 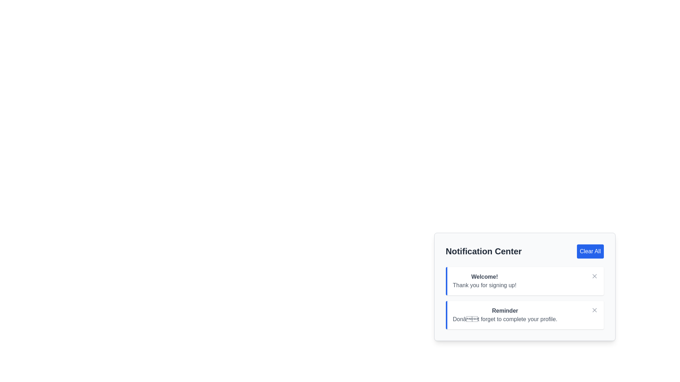 What do you see at coordinates (505, 319) in the screenshot?
I see `the reminder message text that informs users to complete their profile, located within the notification card titled 'Reminder'` at bounding box center [505, 319].